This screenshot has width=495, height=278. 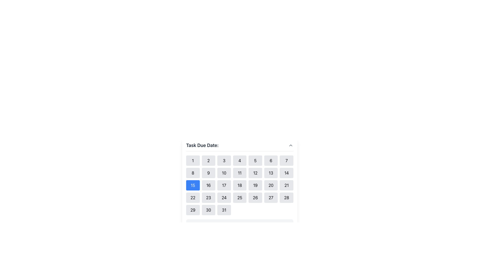 I want to click on the button representing the 15th day of the month in the calendar interface, which has a blue background and is located in the third row, first column under 'Task Due Date:', so click(x=193, y=185).